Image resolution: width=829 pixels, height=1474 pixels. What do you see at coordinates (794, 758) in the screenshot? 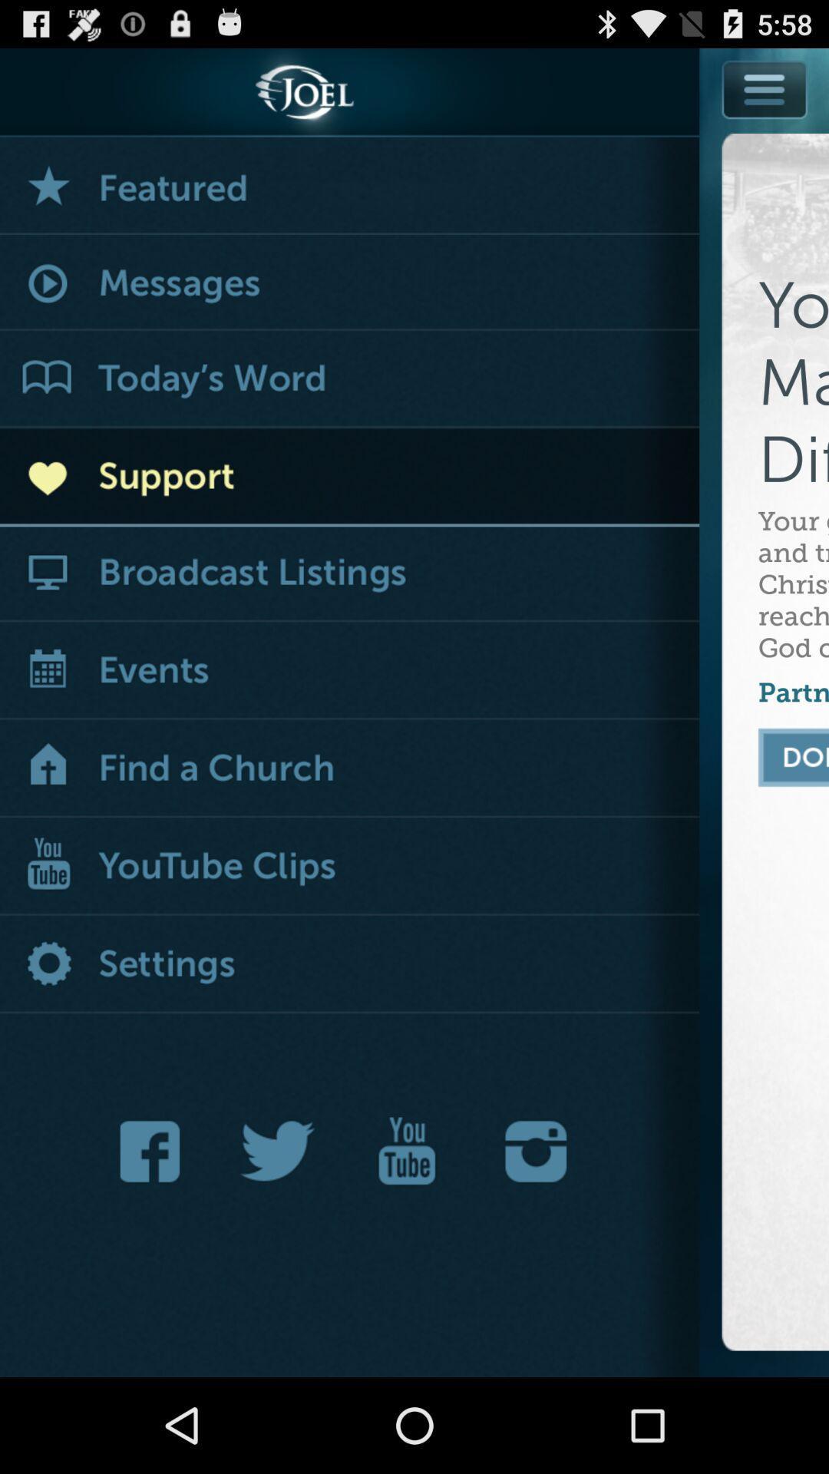
I see `the item below the partner with us icon` at bounding box center [794, 758].